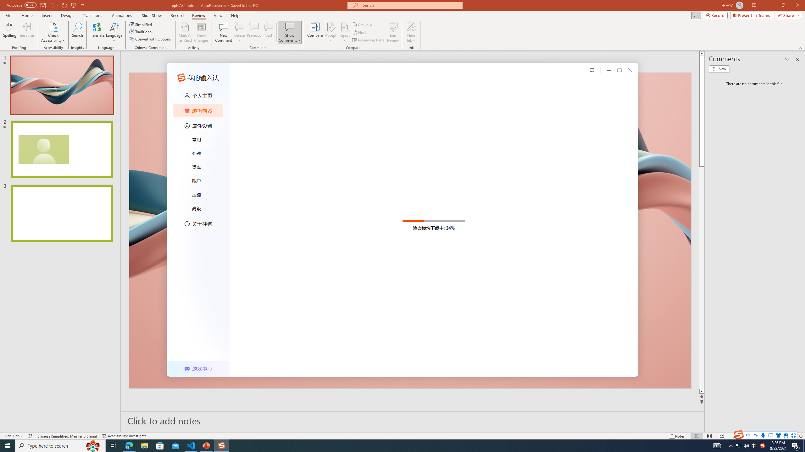 The height and width of the screenshot is (452, 805). I want to click on 'Previous', so click(363, 24).